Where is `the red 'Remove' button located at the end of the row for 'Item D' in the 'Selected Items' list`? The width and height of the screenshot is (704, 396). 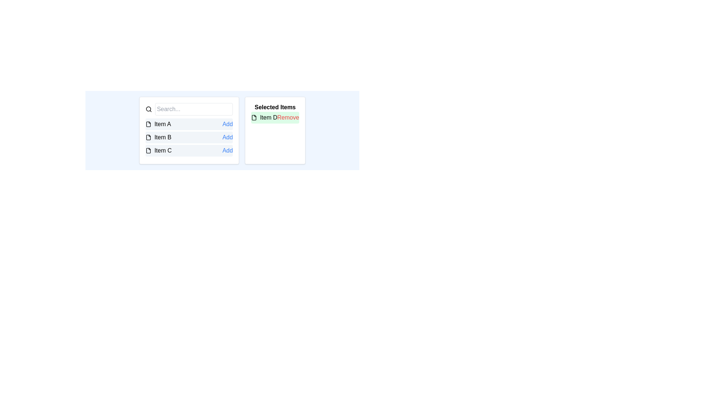
the red 'Remove' button located at the end of the row for 'Item D' in the 'Selected Items' list is located at coordinates (288, 117).